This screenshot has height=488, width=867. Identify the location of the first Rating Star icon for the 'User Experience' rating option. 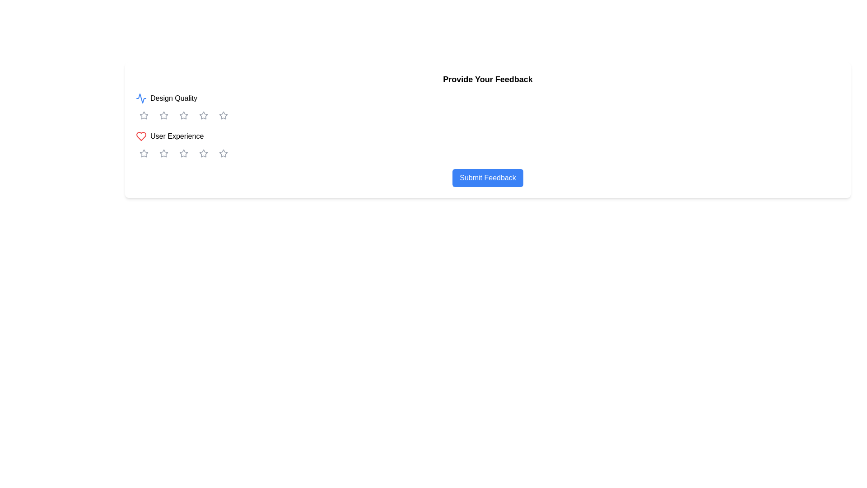
(143, 153).